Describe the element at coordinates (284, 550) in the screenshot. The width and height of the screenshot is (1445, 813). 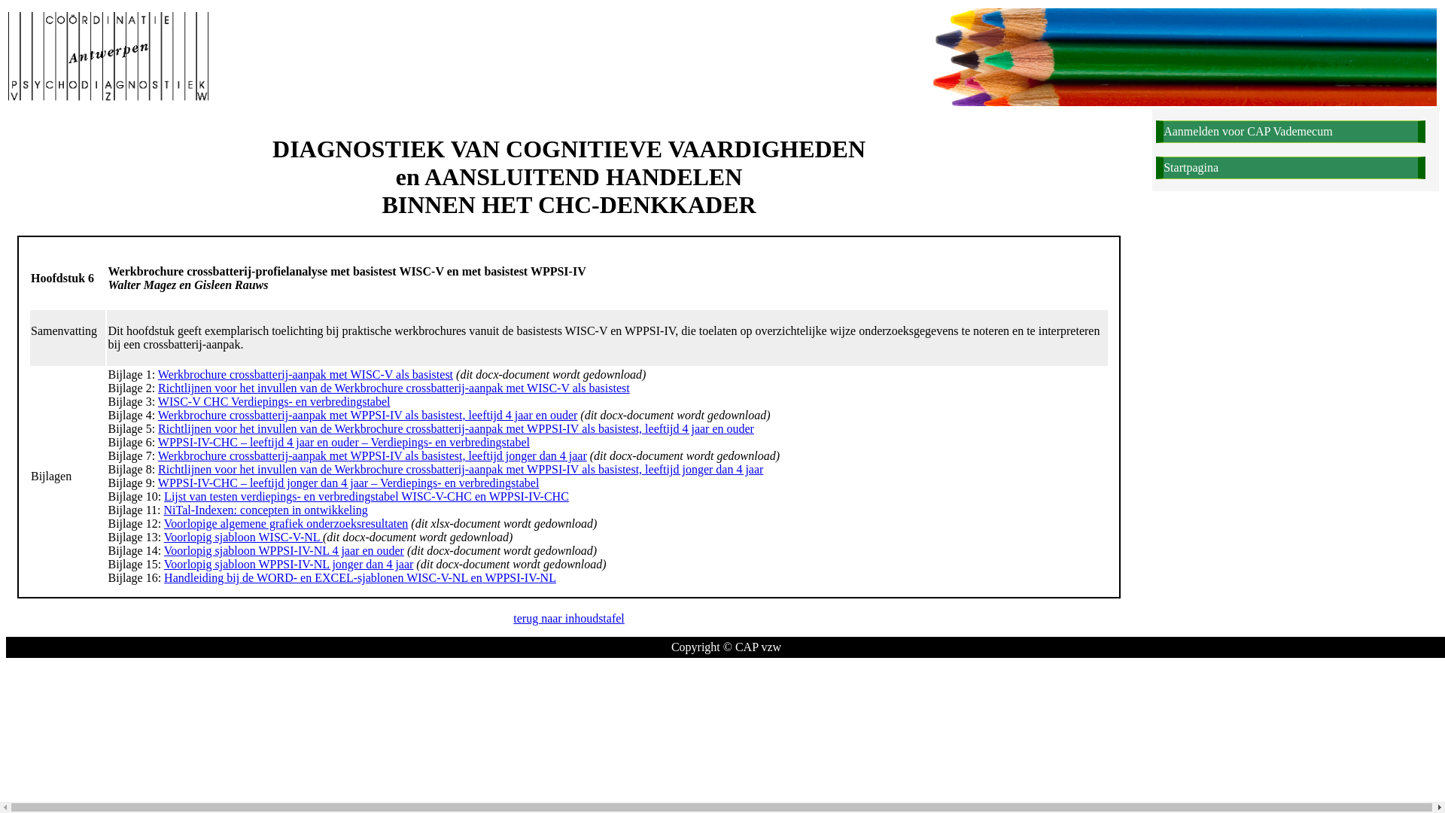
I see `'Voorlopig sjabloon WPPSI-IV-NL 4 jaar en ouder'` at that location.